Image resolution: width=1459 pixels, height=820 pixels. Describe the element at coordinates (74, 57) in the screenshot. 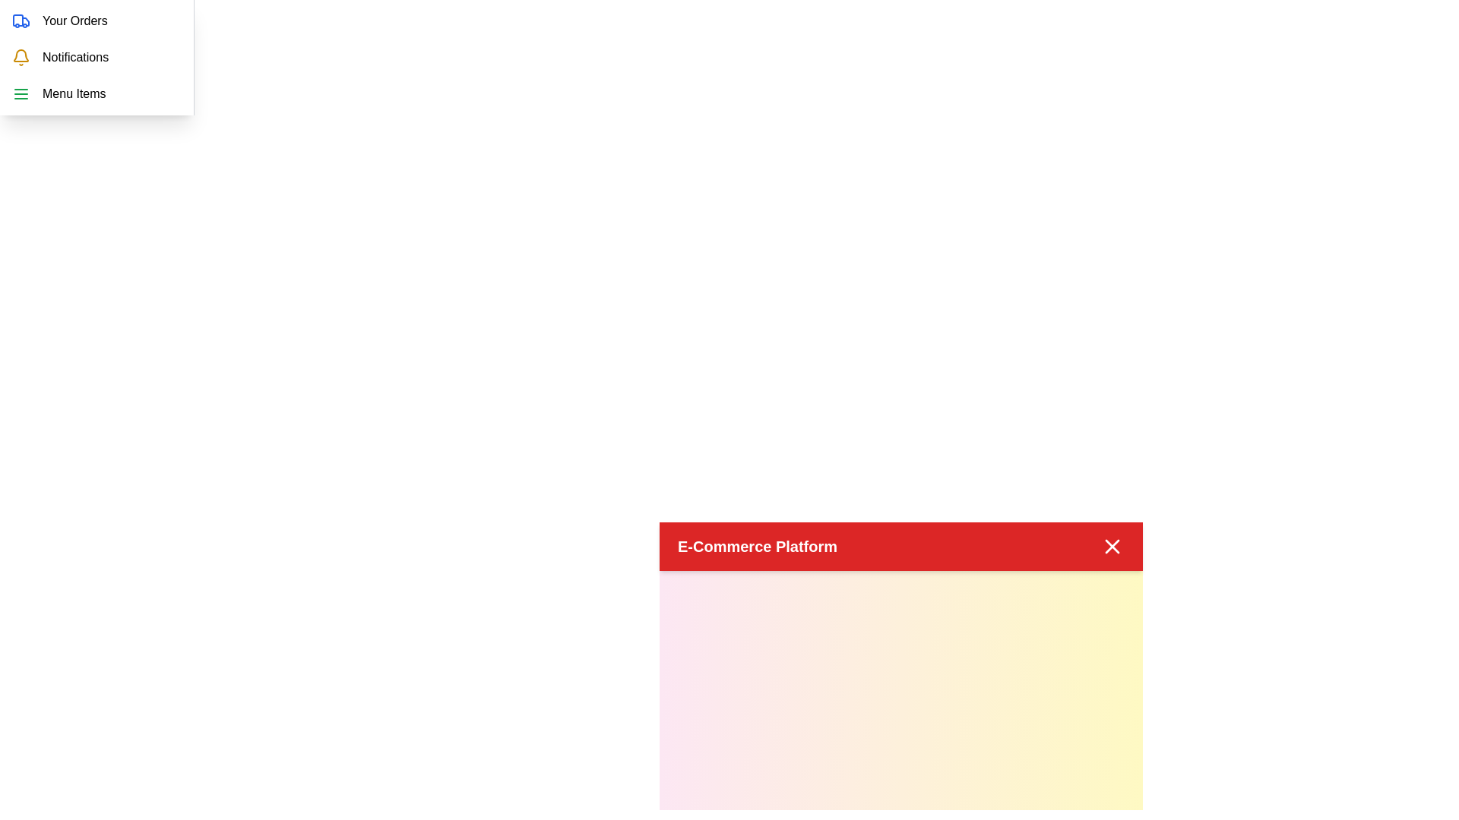

I see `text label displaying 'Notifications' which is styled in black font and positioned below 'Your Orders' and above 'Menu Items', adjacent to a yellow bell icon` at that location.